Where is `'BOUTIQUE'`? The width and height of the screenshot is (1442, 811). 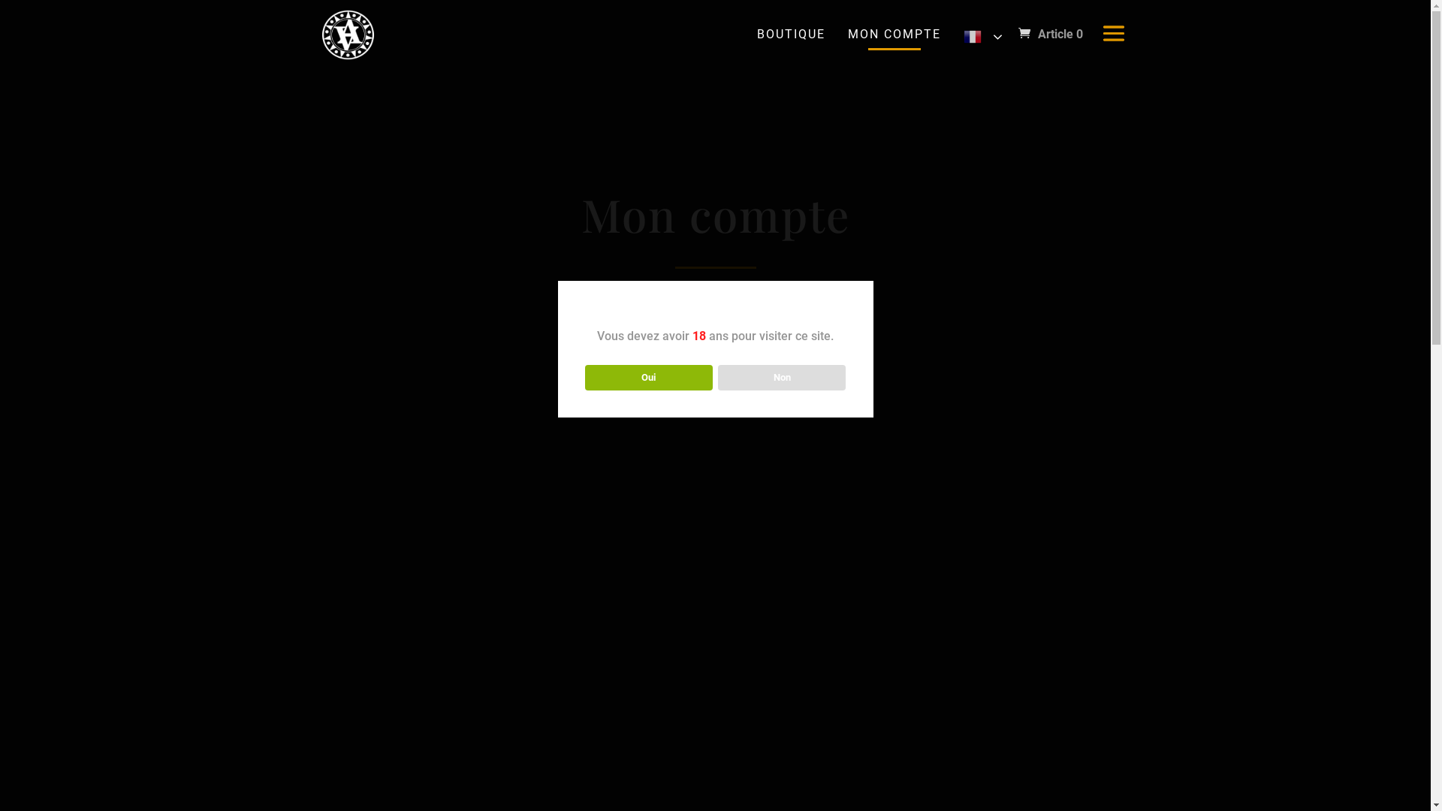
'BOUTIQUE' is located at coordinates (753, 34).